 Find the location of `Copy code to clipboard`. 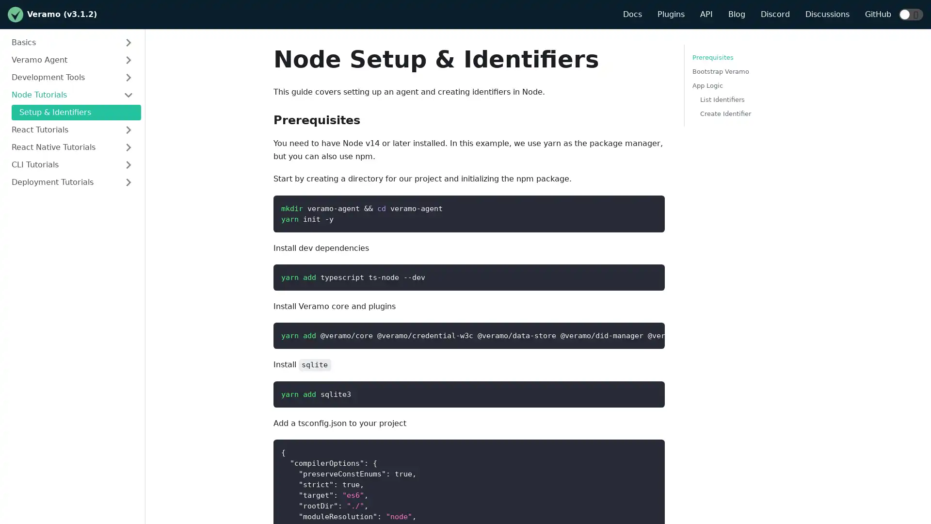

Copy code to clipboard is located at coordinates (649, 332).